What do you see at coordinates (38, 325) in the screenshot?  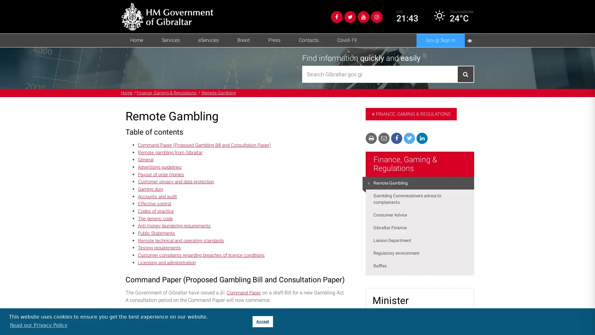 I see `learn more about cookies` at bounding box center [38, 325].